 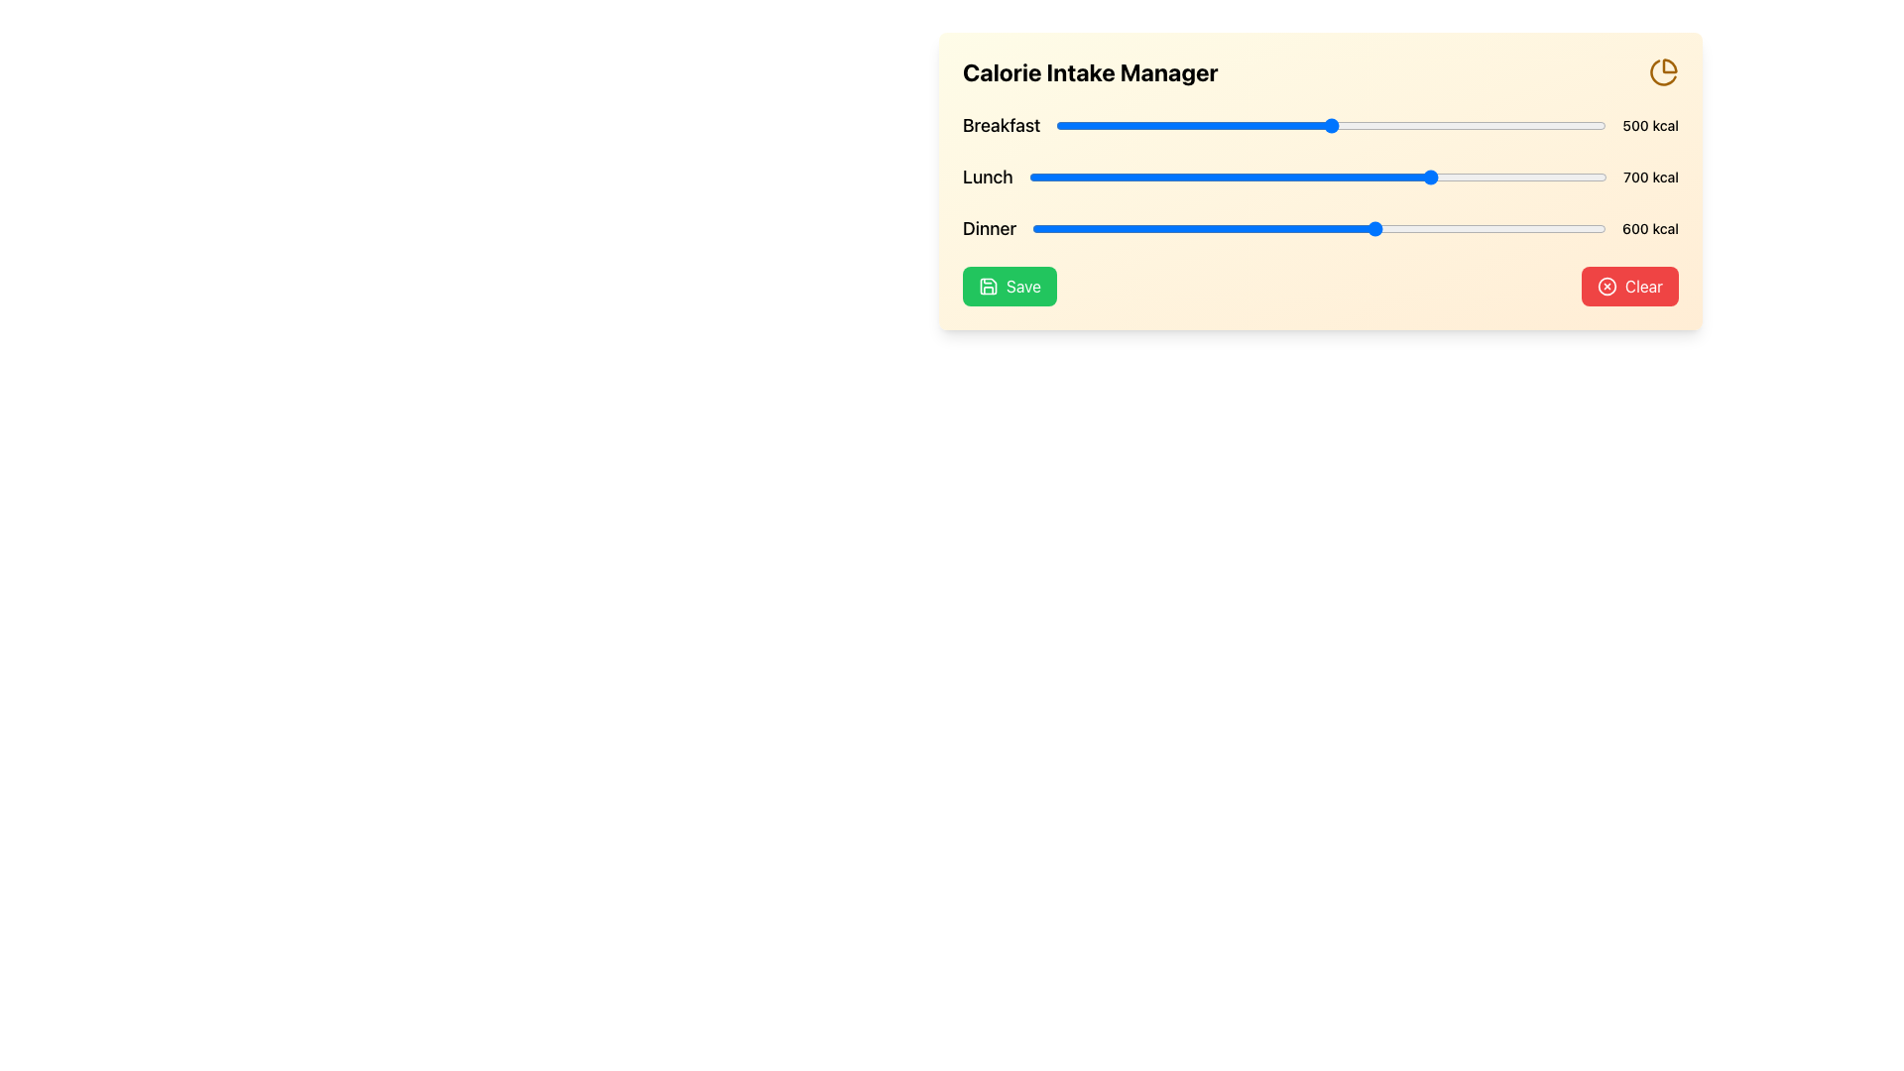 What do you see at coordinates (1317, 228) in the screenshot?
I see `the dinner calorie intake slider` at bounding box center [1317, 228].